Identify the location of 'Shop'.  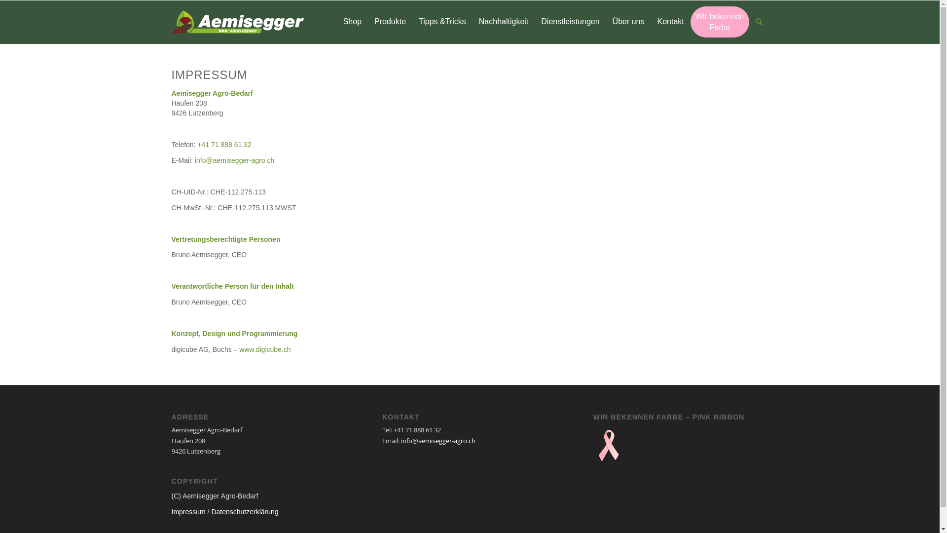
(352, 22).